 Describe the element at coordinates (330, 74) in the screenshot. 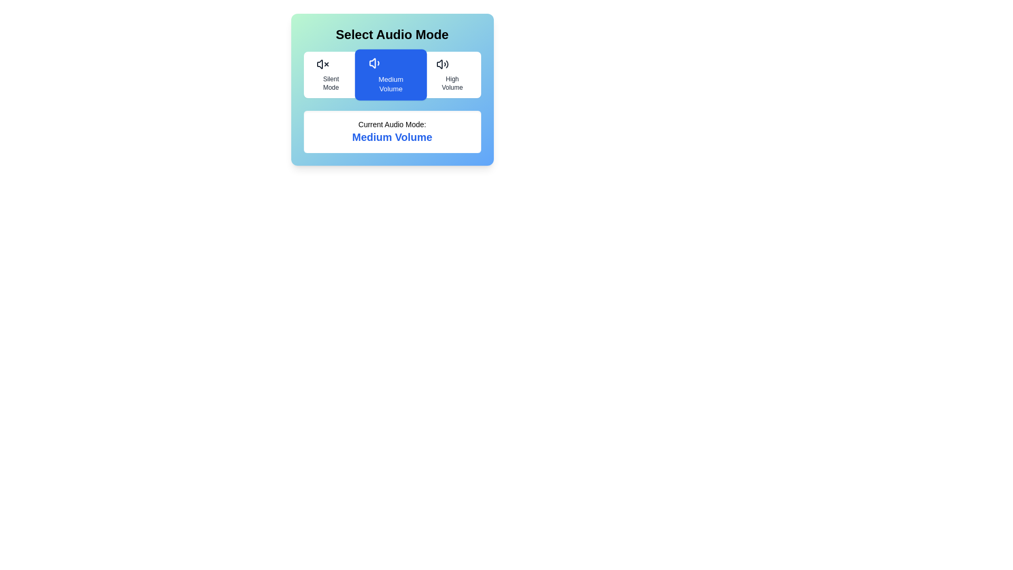

I see `the audio mode Silent Mode by clicking the corresponding button` at that location.